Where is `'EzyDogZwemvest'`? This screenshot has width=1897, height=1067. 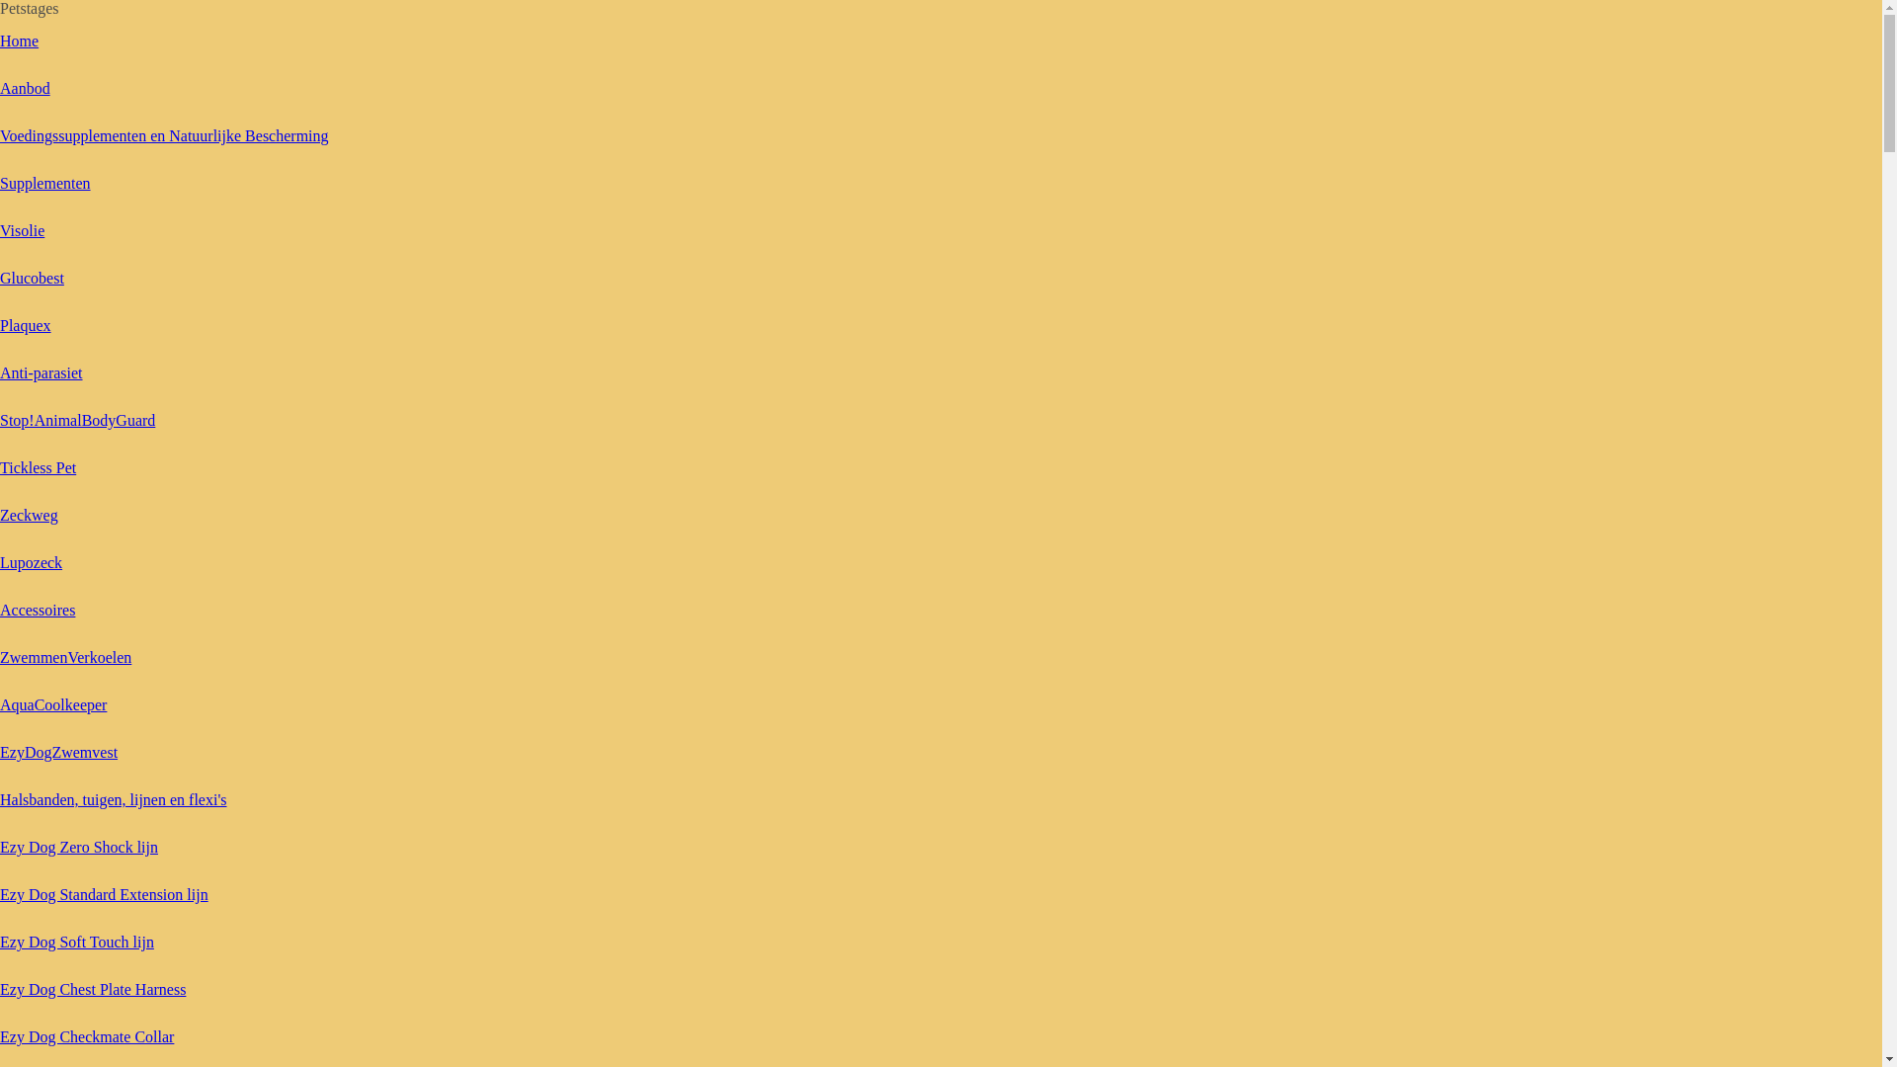 'EzyDogZwemvest' is located at coordinates (58, 752).